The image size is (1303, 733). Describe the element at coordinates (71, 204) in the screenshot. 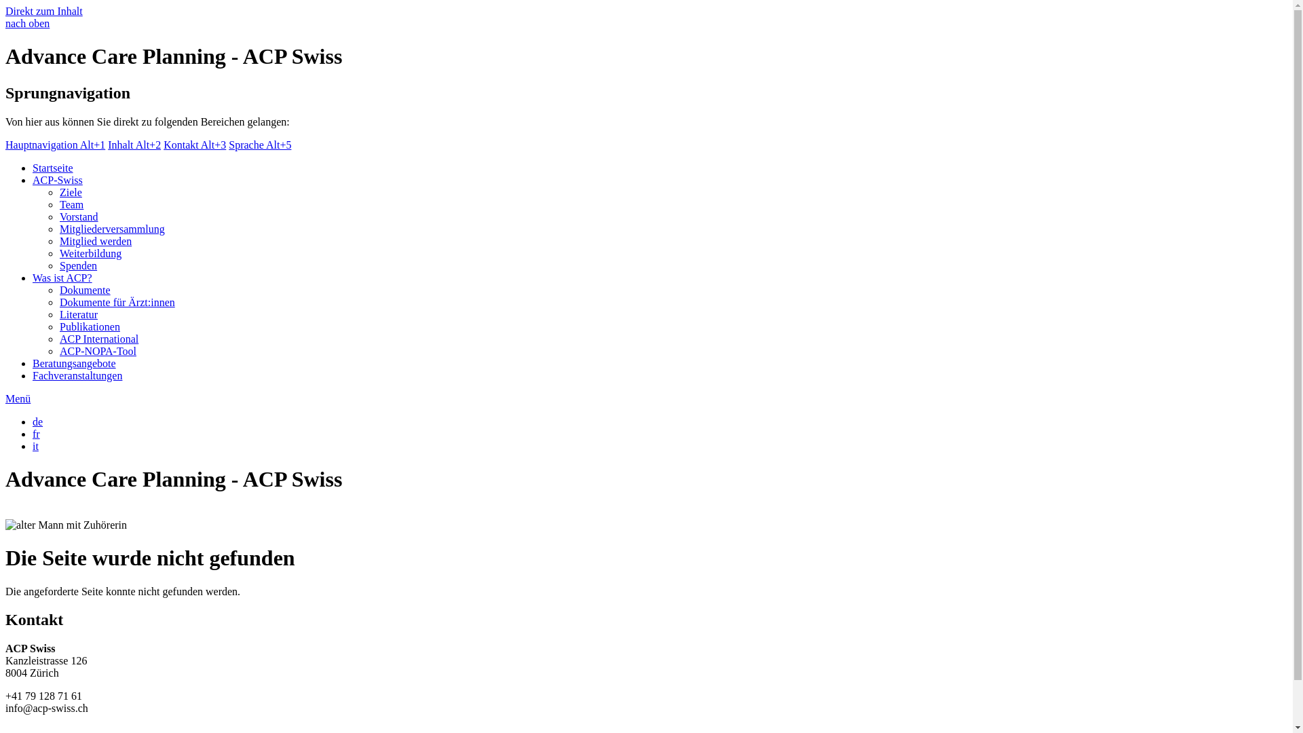

I see `'Team'` at that location.